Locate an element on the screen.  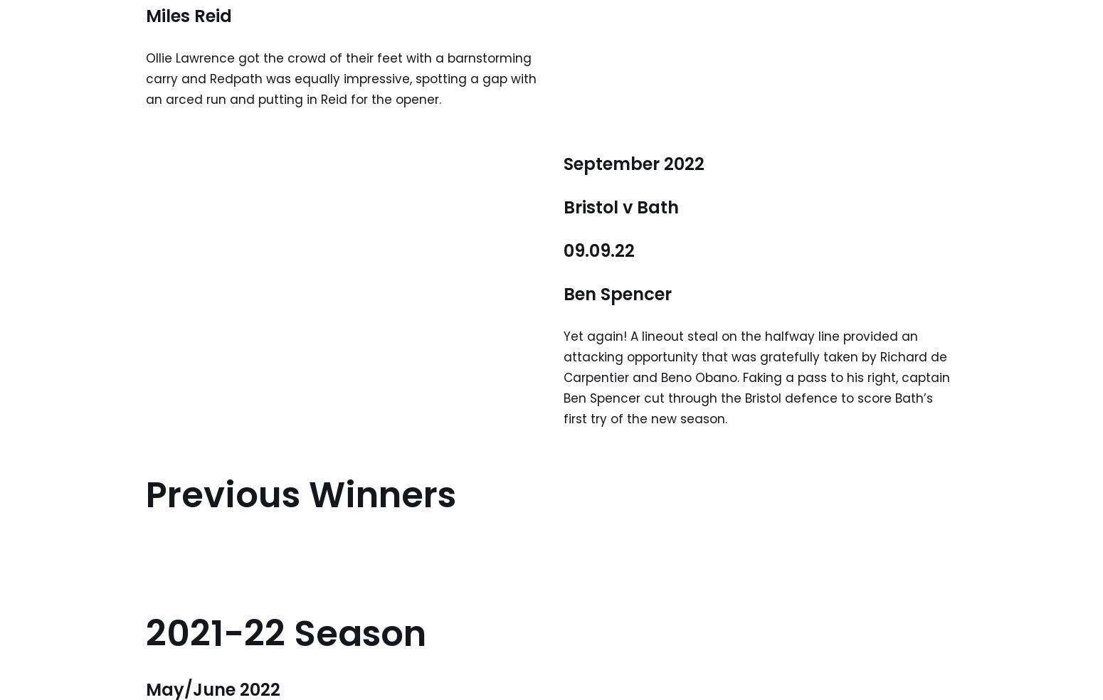
'Yet again! A lineout steal on the halfway line provided an attacking opportunity that was gratefully taken by Richard de Carpentier and Beno Obano. Faking a pass to his right, captain Ben Spencer cut through the Bristol defence to score Bath’s first try of the new season.' is located at coordinates (756, 376).